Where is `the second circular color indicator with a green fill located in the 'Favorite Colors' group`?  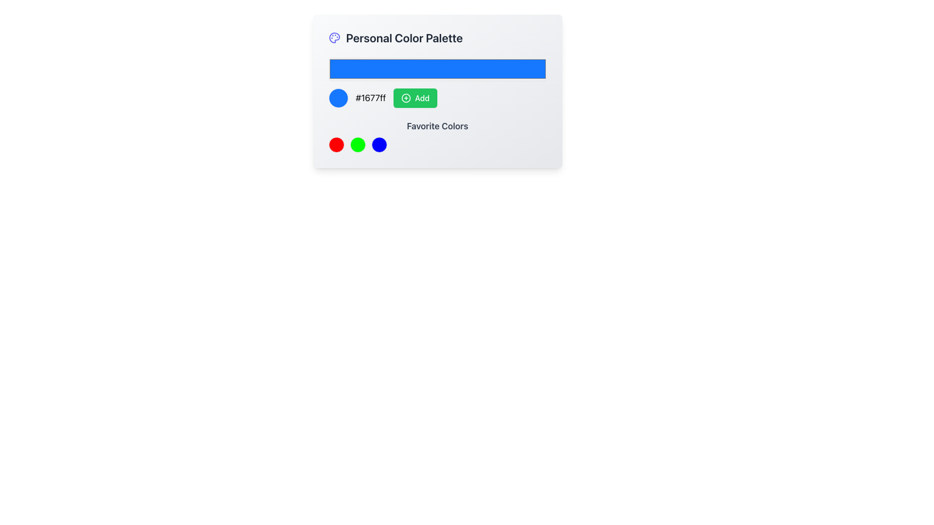
the second circular color indicator with a green fill located in the 'Favorite Colors' group is located at coordinates (357, 144).